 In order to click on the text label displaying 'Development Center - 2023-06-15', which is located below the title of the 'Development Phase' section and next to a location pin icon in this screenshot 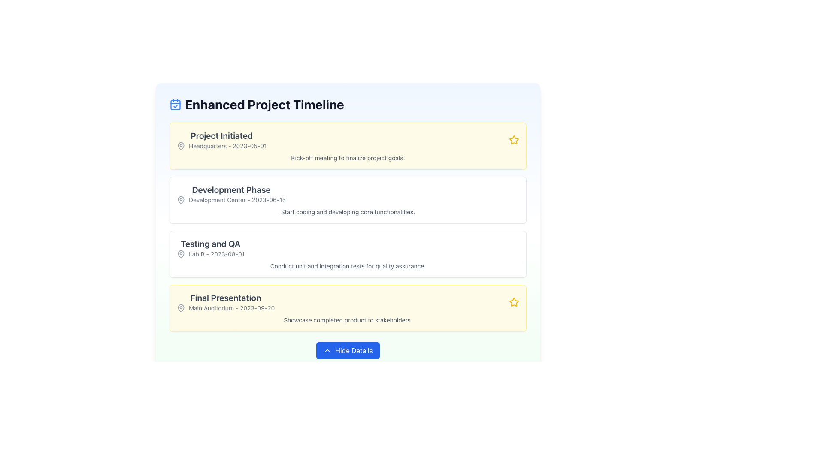, I will do `click(231, 200)`.